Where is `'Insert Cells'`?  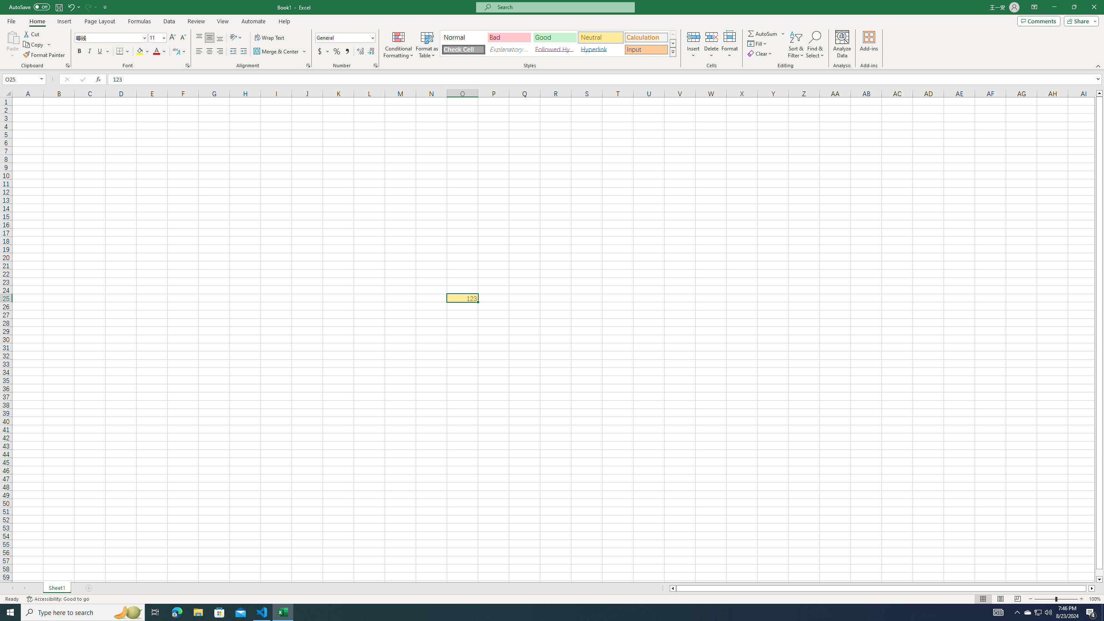
'Insert Cells' is located at coordinates (693, 36).